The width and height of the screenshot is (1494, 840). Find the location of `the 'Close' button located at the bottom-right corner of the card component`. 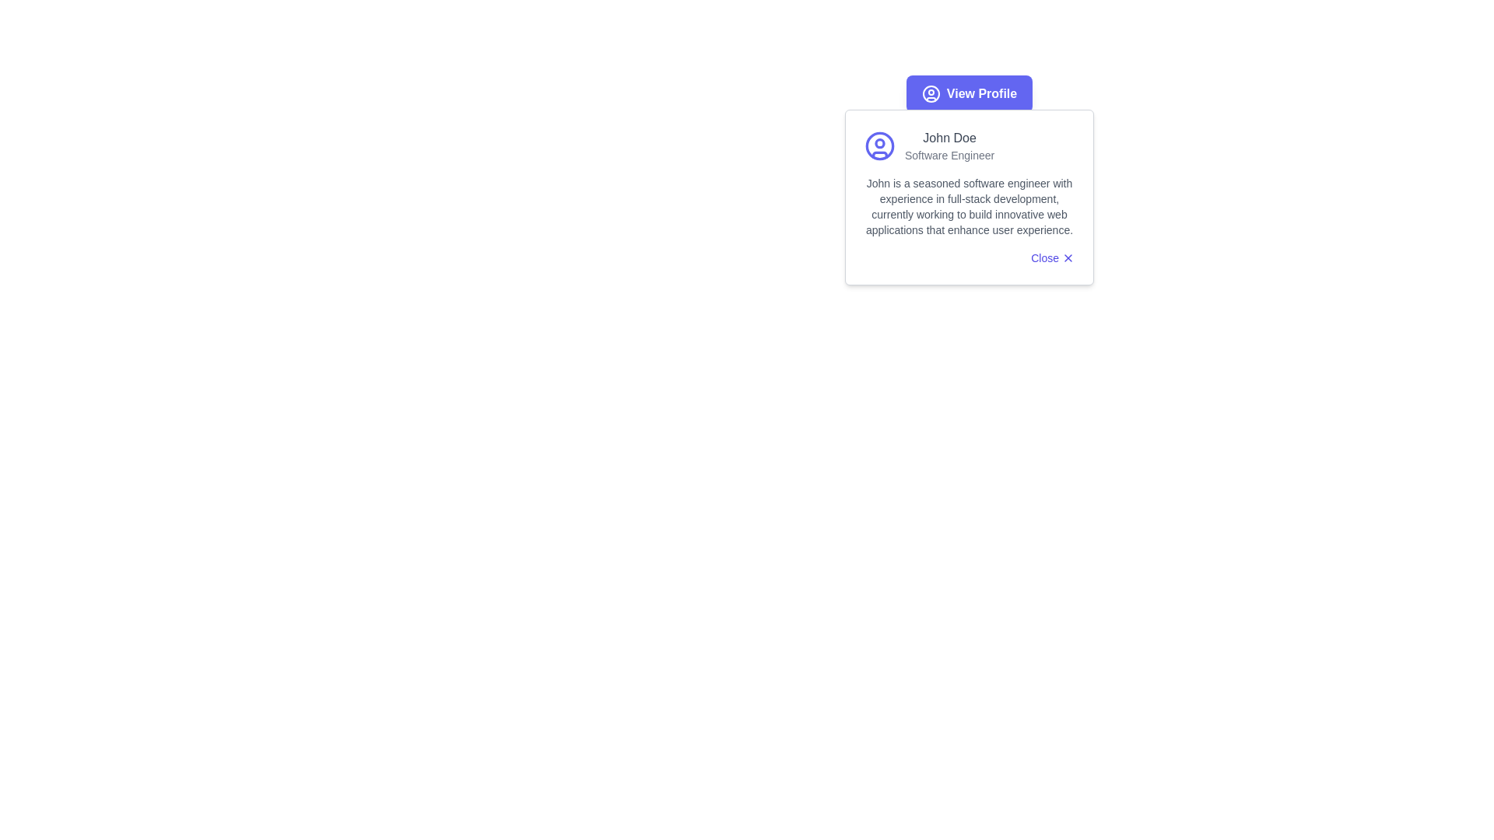

the 'Close' button located at the bottom-right corner of the card component is located at coordinates (1053, 257).